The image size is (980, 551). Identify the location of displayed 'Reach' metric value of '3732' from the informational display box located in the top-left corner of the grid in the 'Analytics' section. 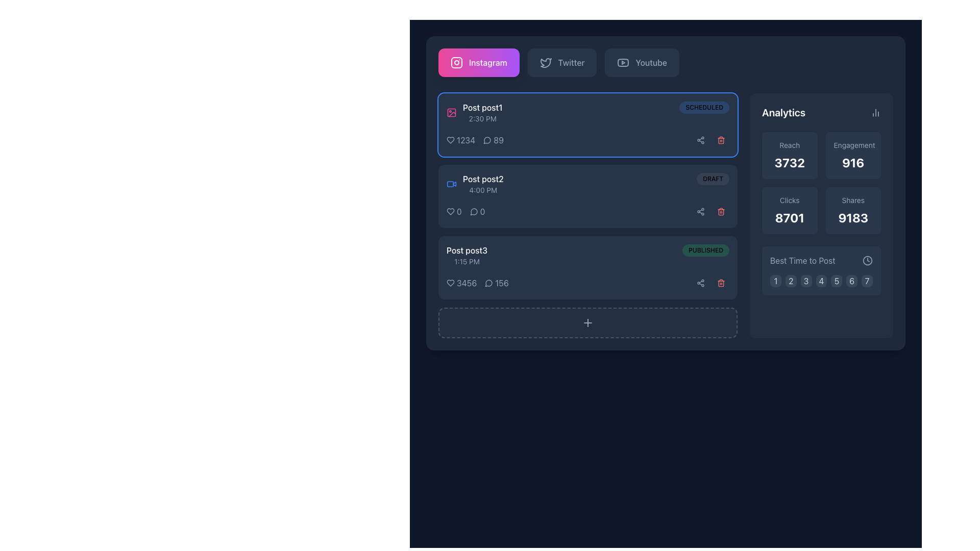
(789, 155).